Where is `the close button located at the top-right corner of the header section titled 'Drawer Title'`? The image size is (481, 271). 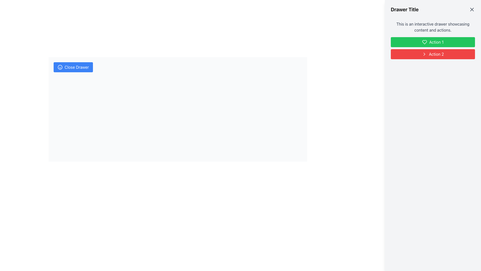
the close button located at the top-right corner of the header section titled 'Drawer Title' is located at coordinates (471, 10).